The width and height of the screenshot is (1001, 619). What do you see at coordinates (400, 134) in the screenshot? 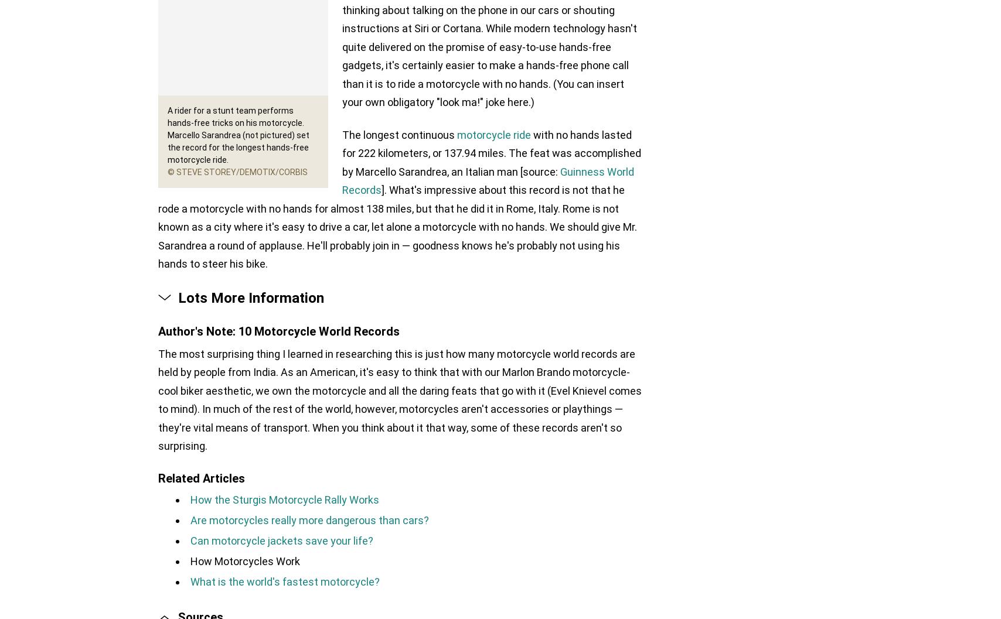
I see `'The longest continuous'` at bounding box center [400, 134].